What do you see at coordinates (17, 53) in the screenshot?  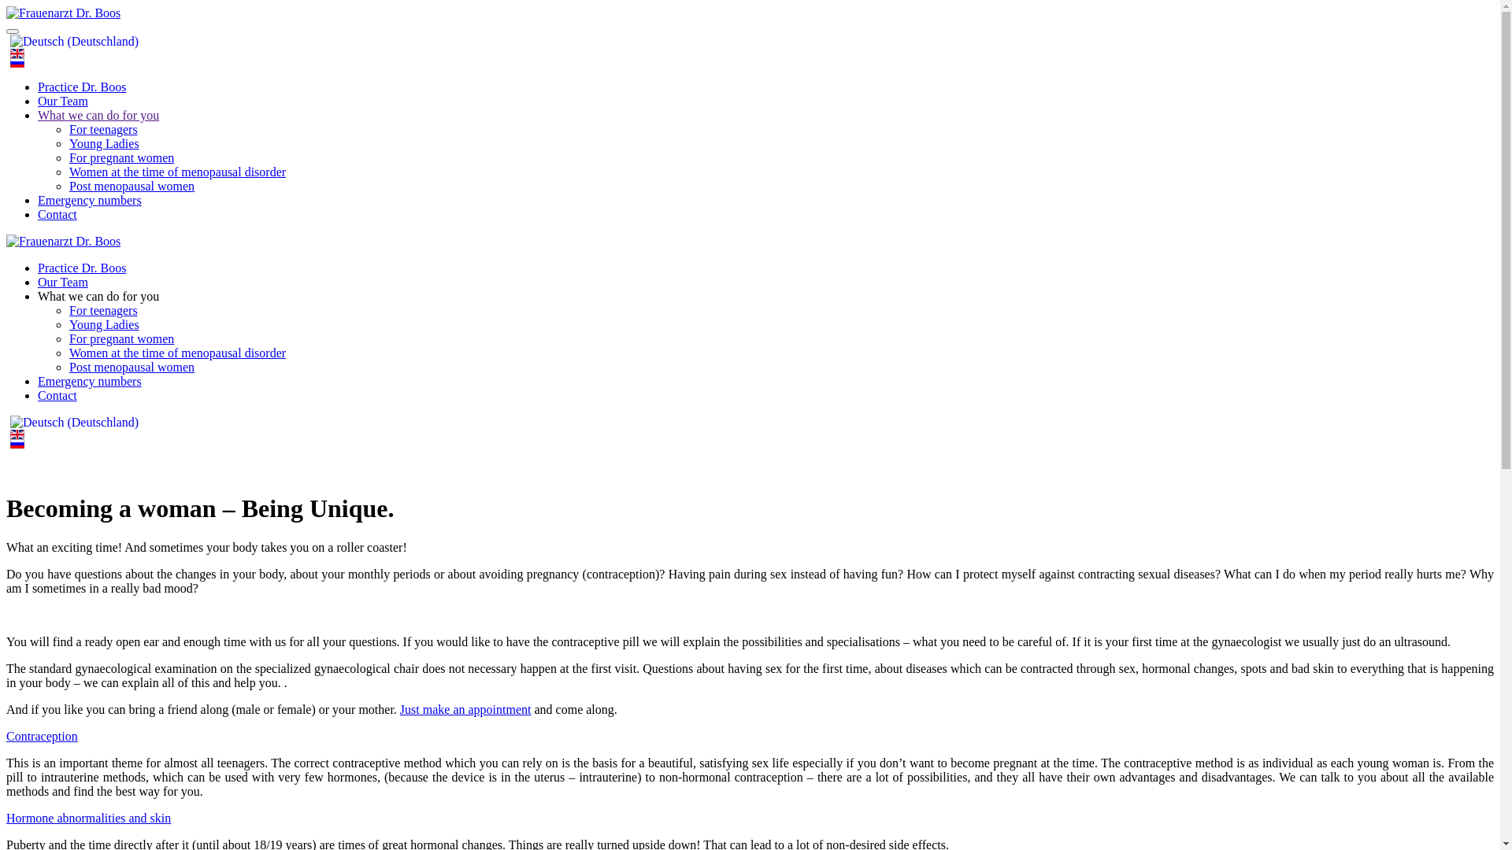 I see `'English (United Kingdom)'` at bounding box center [17, 53].